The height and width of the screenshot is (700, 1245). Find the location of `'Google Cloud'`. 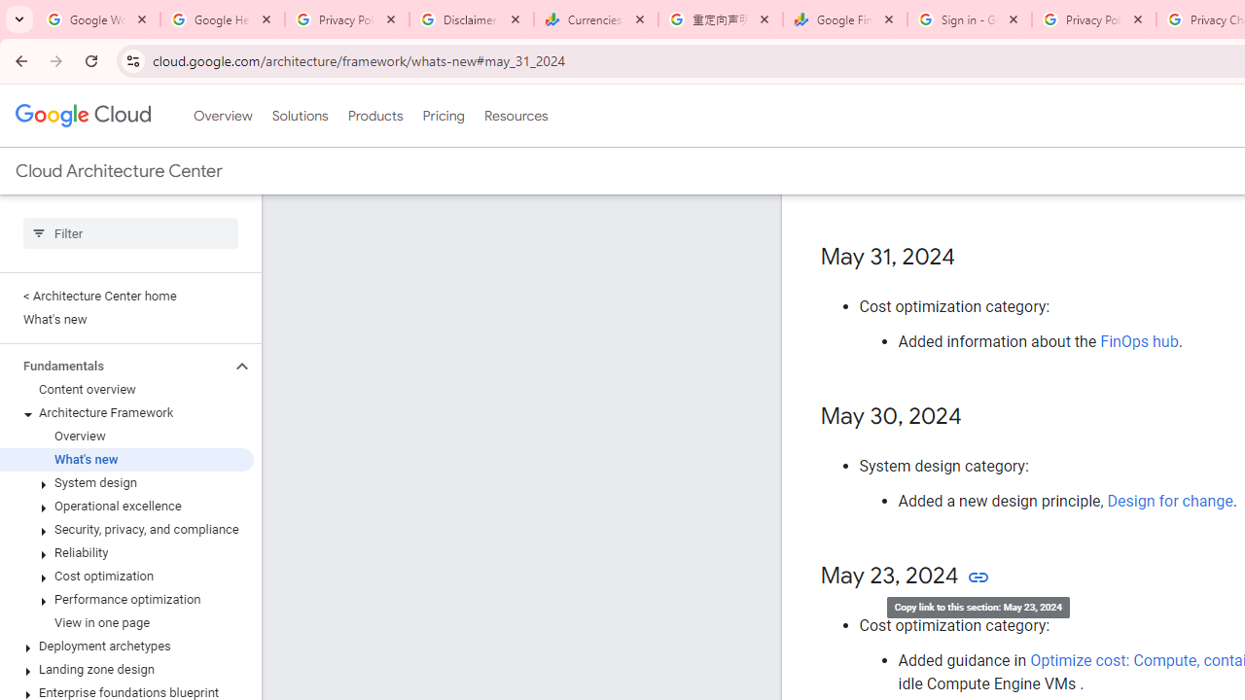

'Google Cloud' is located at coordinates (82, 116).